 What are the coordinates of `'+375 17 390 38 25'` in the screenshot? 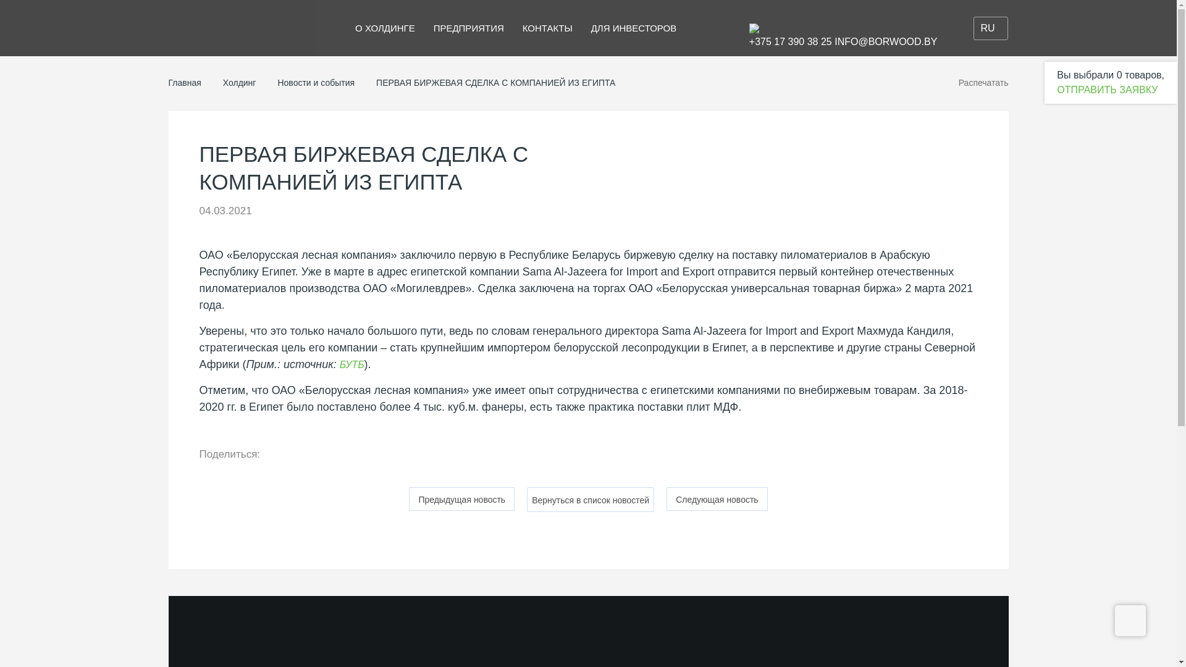 It's located at (791, 41).